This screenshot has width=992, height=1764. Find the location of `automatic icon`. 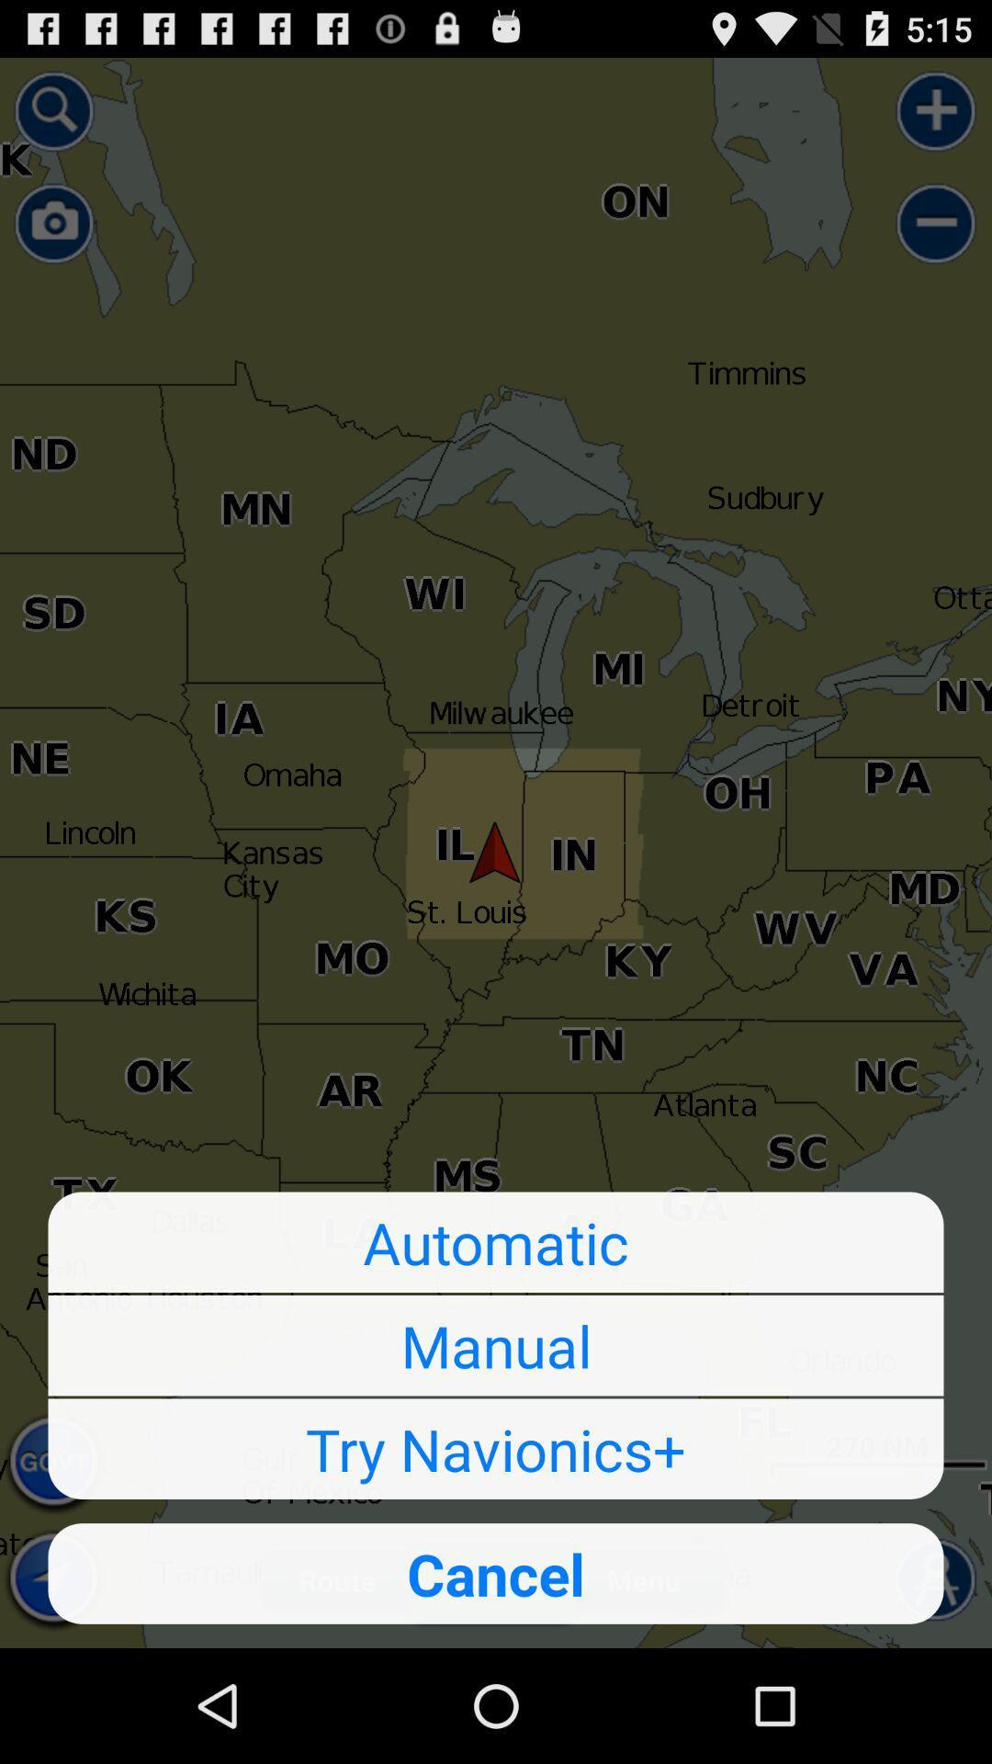

automatic icon is located at coordinates (496, 1242).